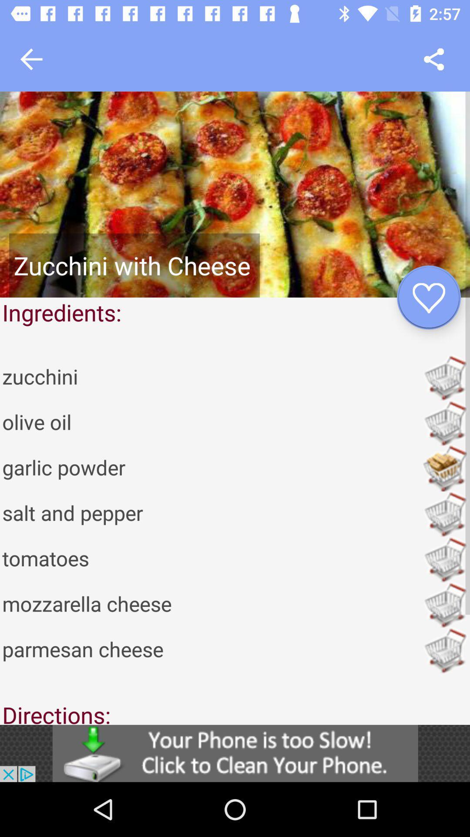  What do you see at coordinates (428, 297) in the screenshot?
I see `the favorite icon` at bounding box center [428, 297].